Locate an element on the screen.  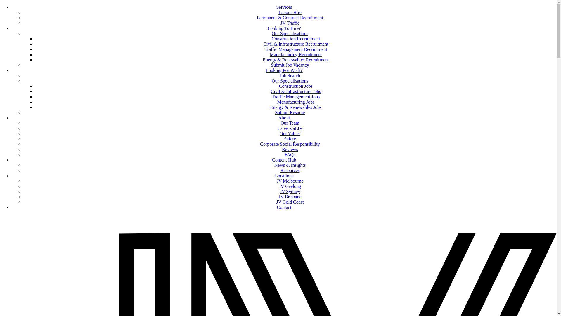
'Looking For Work?' is located at coordinates (284, 70).